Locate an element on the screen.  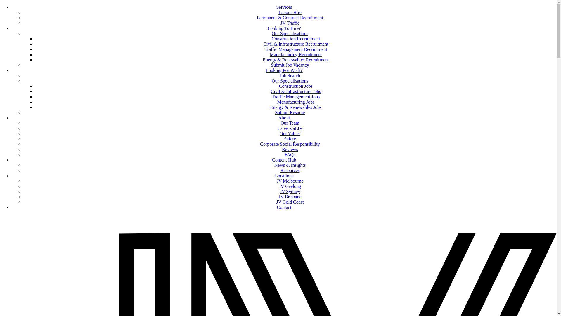
'Looking For Work?' is located at coordinates (284, 70).